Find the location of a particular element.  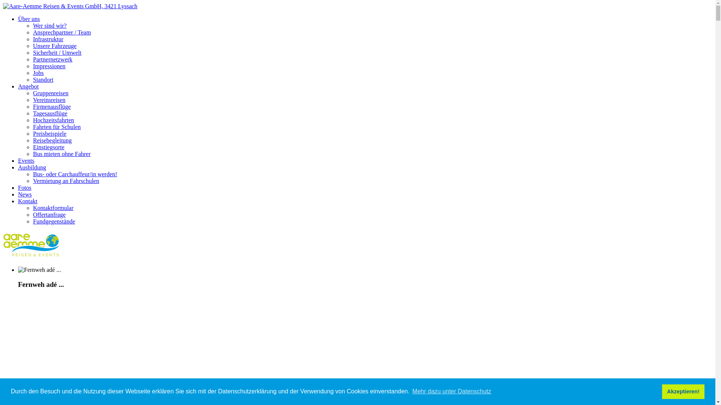

'Wer sind wir?' is located at coordinates (49, 25).